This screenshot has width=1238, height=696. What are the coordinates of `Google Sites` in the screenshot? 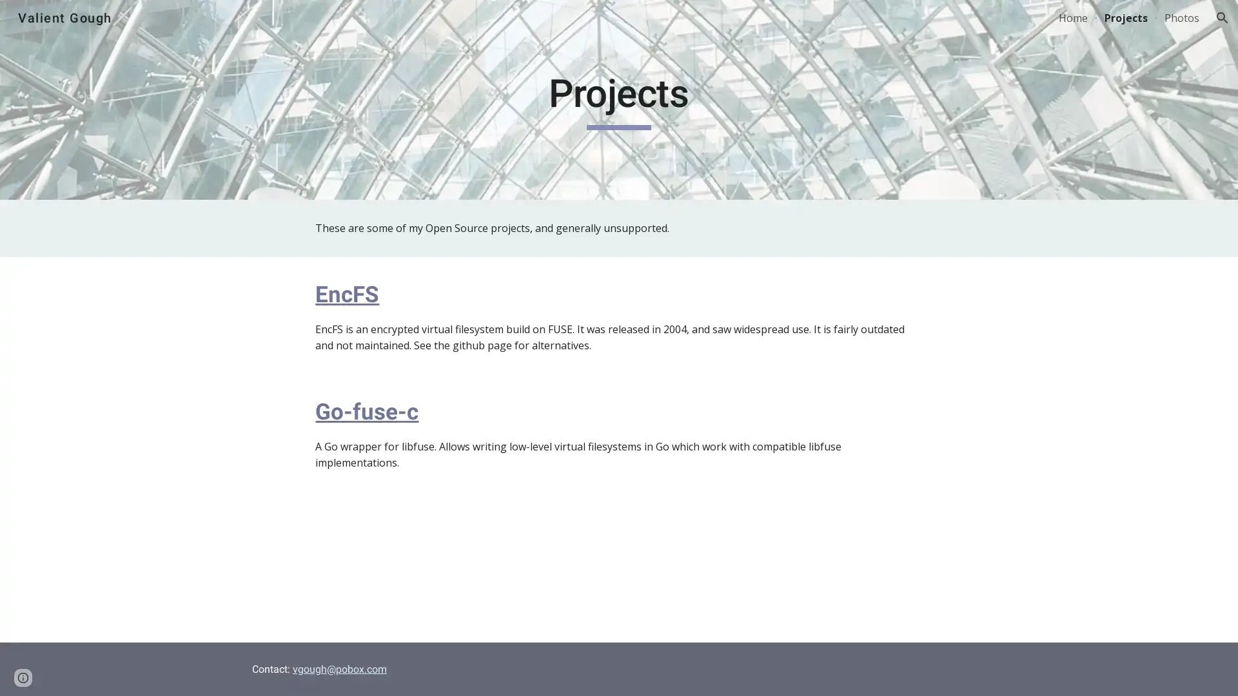 It's located at (99, 673).